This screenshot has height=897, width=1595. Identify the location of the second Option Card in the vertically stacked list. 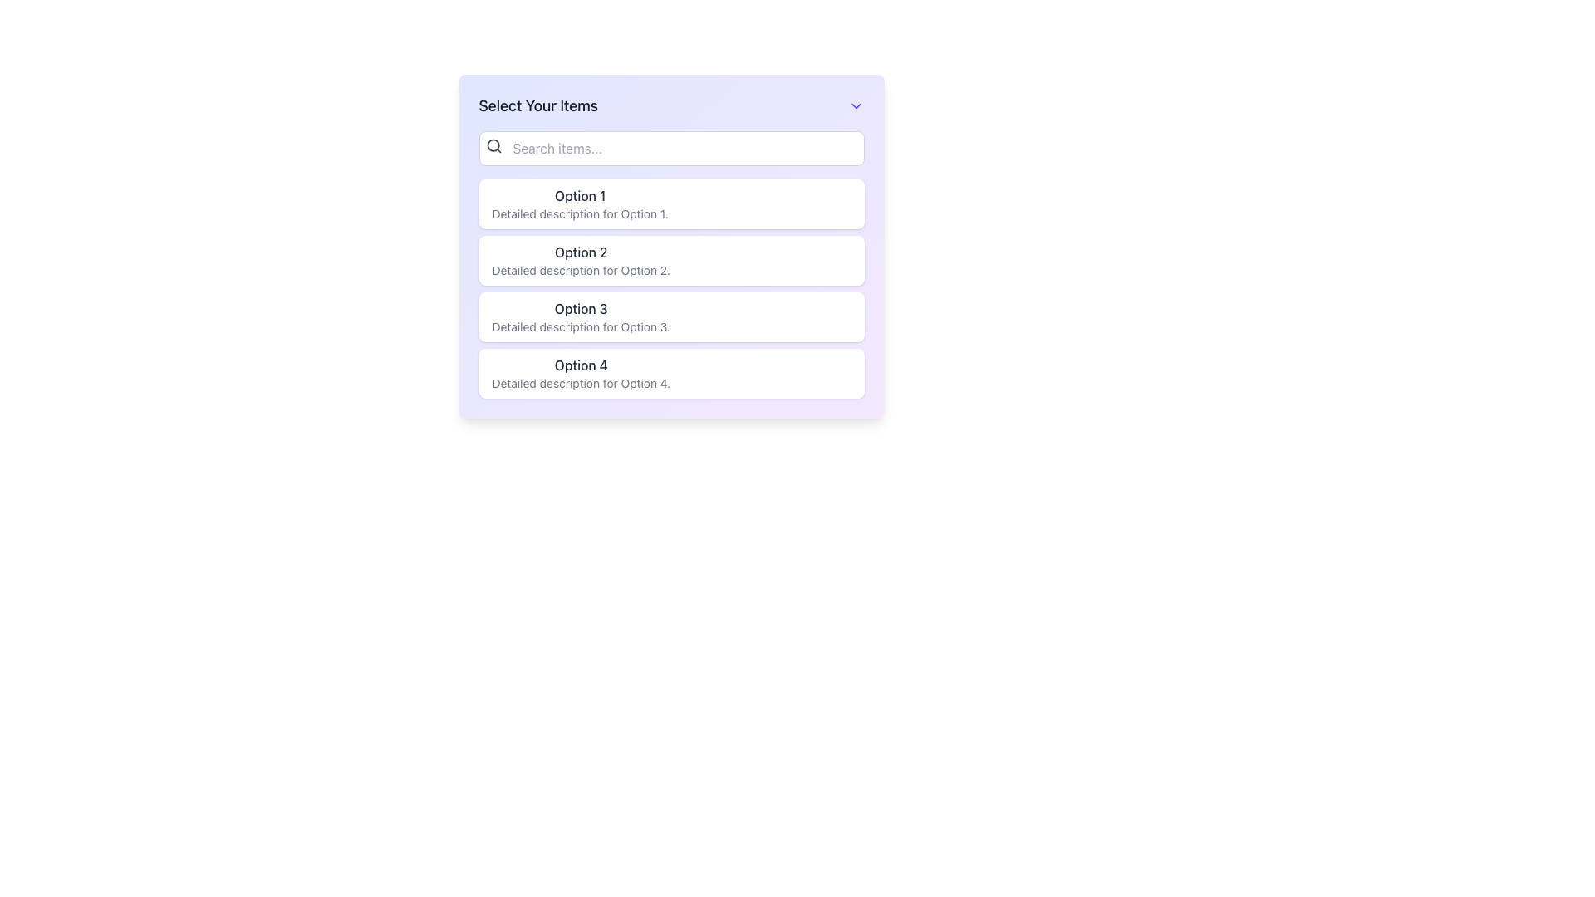
(671, 247).